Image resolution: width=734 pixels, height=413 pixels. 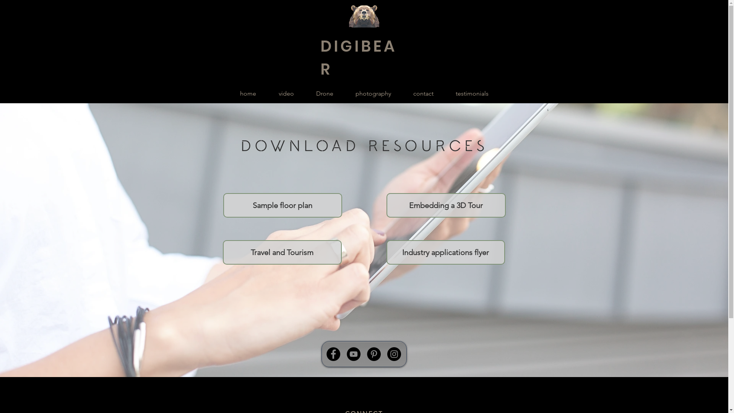 What do you see at coordinates (363, 16) in the screenshot?
I see `'Asset 5_2x_edited.png'` at bounding box center [363, 16].